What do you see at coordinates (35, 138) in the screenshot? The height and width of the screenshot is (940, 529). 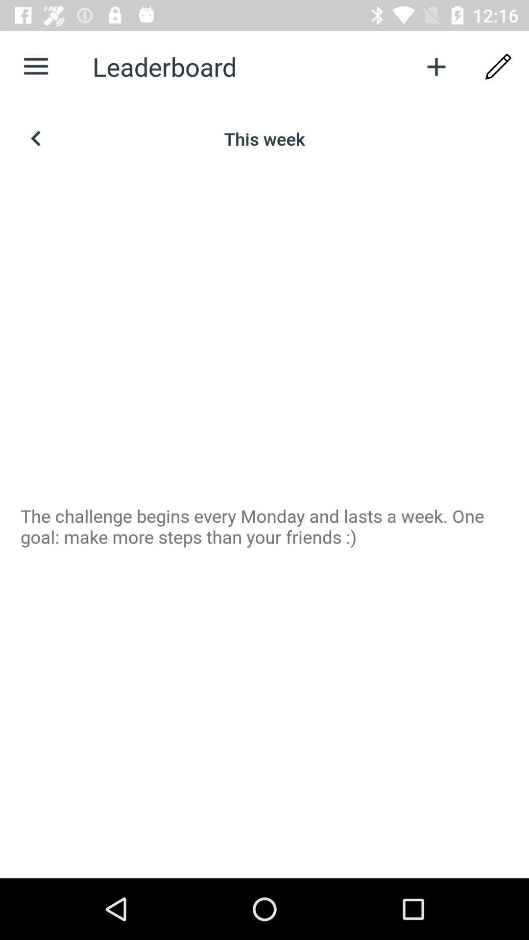 I see `previous week` at bounding box center [35, 138].